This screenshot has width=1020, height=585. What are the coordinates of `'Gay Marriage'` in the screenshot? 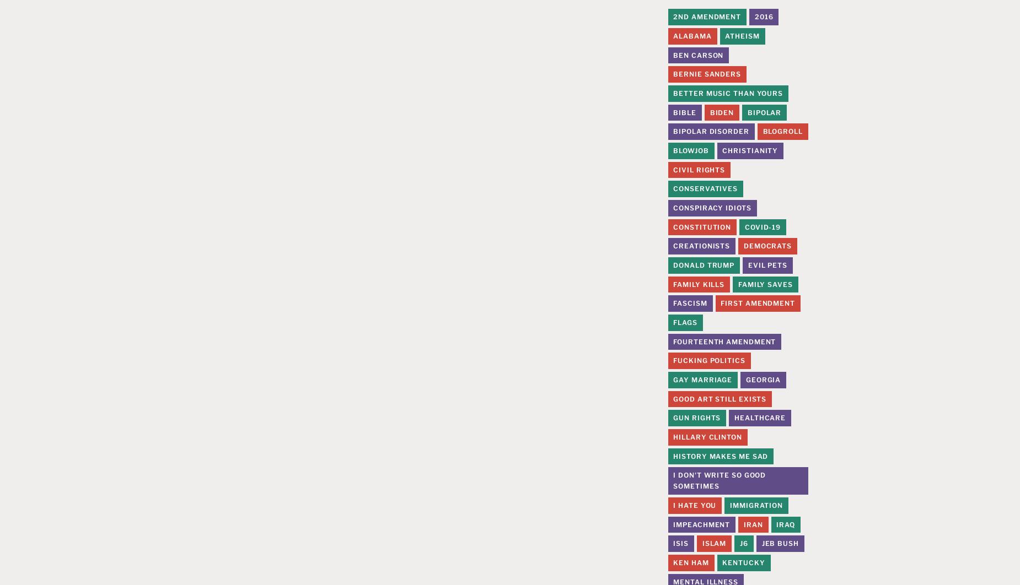 It's located at (702, 380).